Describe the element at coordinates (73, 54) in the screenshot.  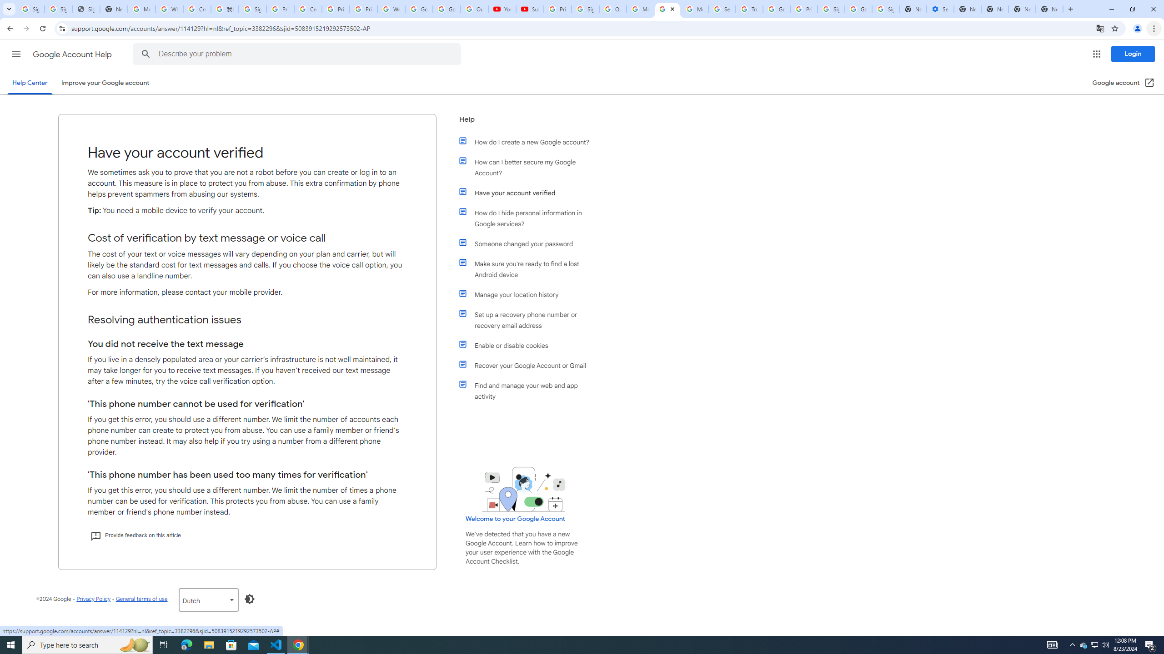
I see `'Google Account Help'` at that location.